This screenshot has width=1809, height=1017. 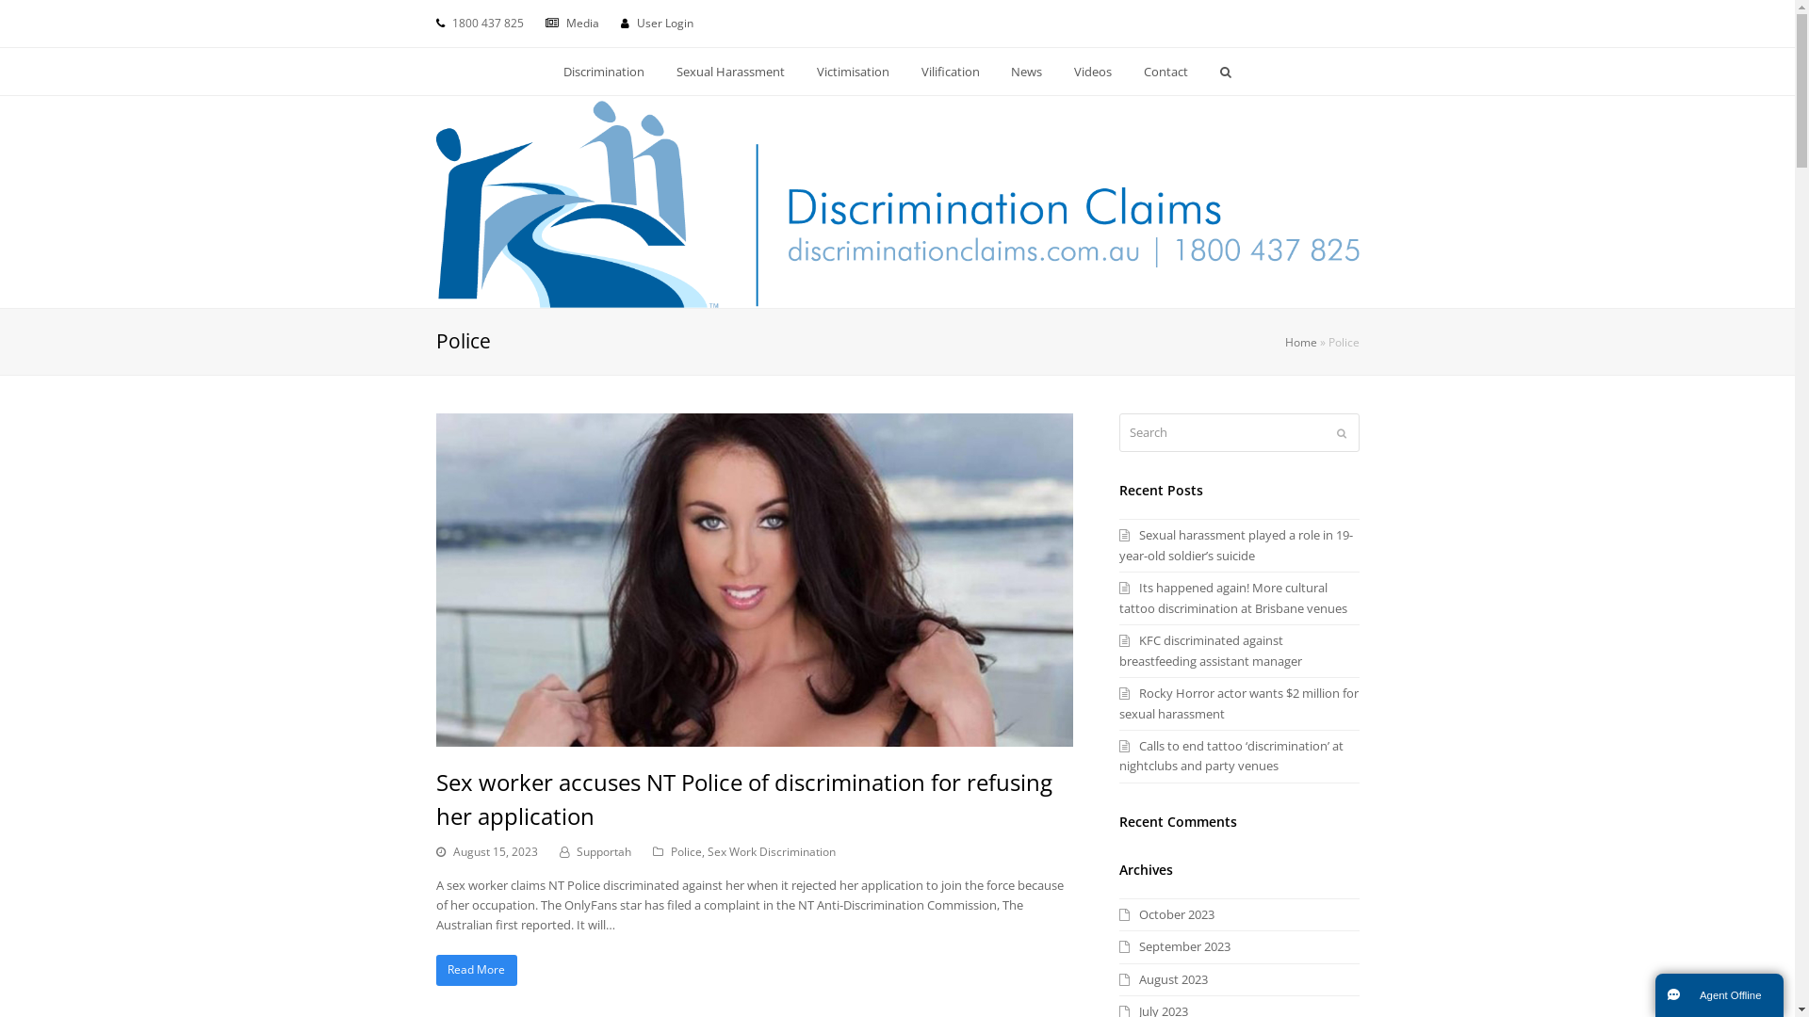 What do you see at coordinates (1211, 649) in the screenshot?
I see `'KFC discriminated against breastfeeding assistant manager'` at bounding box center [1211, 649].